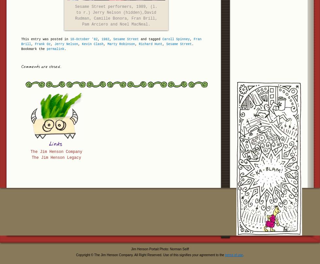 This screenshot has width=320, height=264. Describe the element at coordinates (43, 44) in the screenshot. I see `'Frank Oz'` at that location.